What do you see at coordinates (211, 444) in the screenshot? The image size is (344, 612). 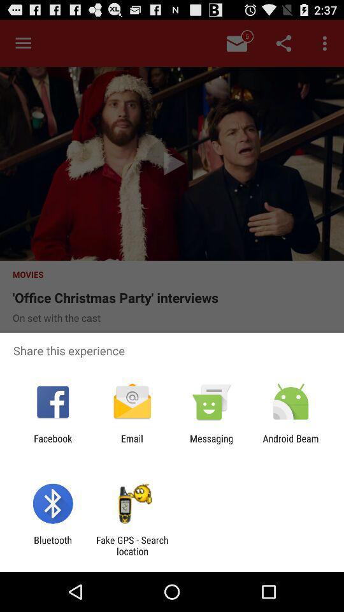 I see `the icon next to the android beam icon` at bounding box center [211, 444].